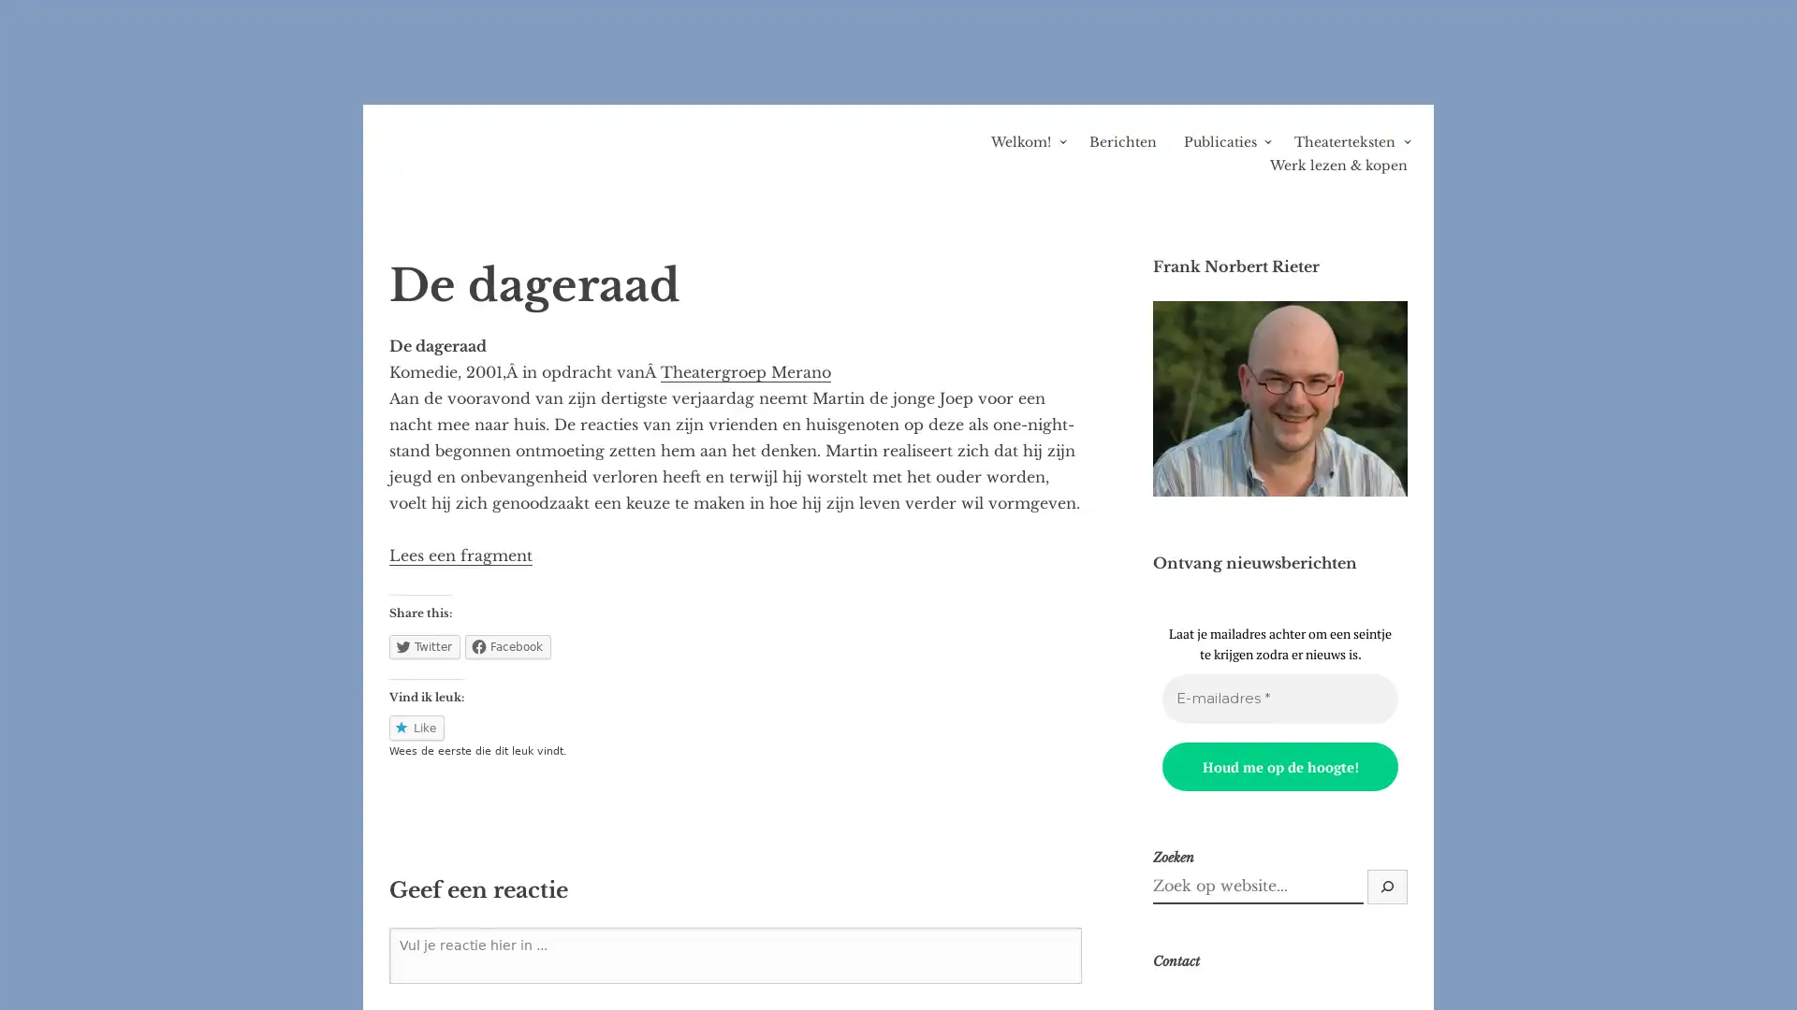 The height and width of the screenshot is (1010, 1797). What do you see at coordinates (1387, 885) in the screenshot?
I see `Zoek` at bounding box center [1387, 885].